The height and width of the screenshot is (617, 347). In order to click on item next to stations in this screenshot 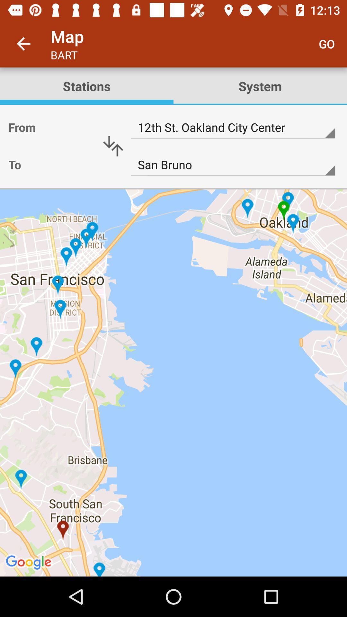, I will do `click(327, 43)`.